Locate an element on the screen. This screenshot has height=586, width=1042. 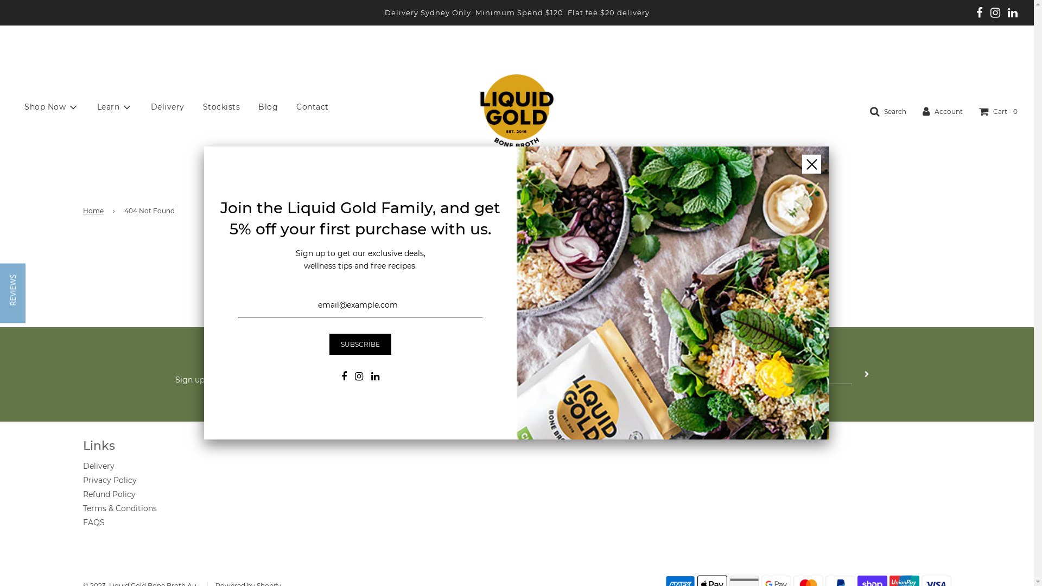
'Stockists' is located at coordinates (220, 106).